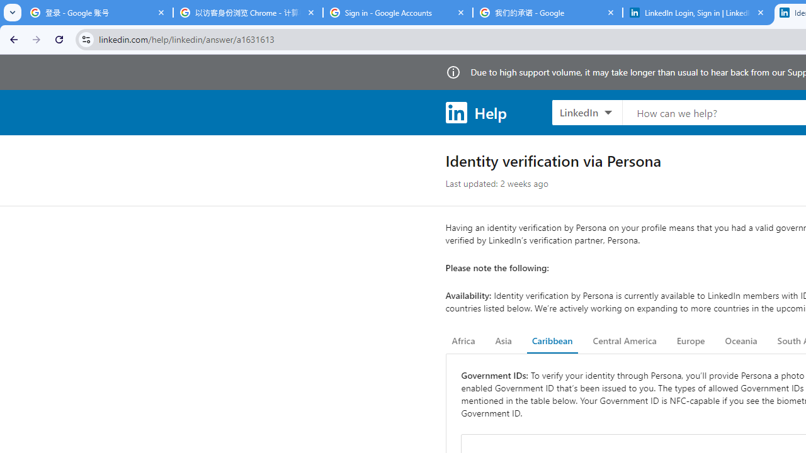 The height and width of the screenshot is (453, 806). What do you see at coordinates (397, 13) in the screenshot?
I see `'Sign in - Google Accounts'` at bounding box center [397, 13].